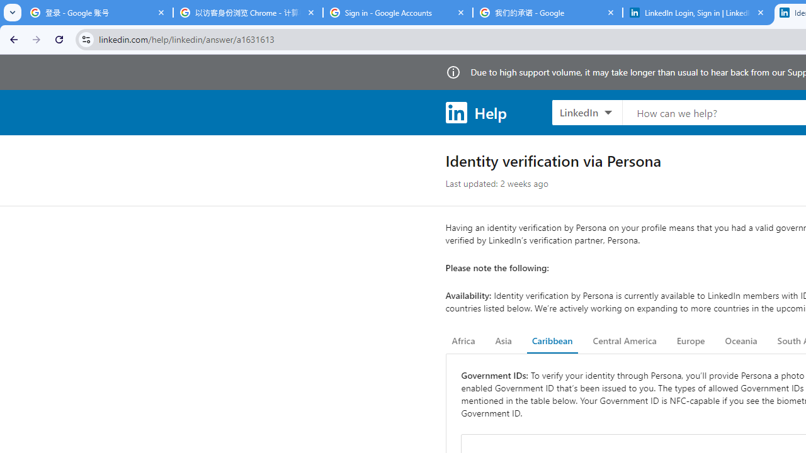 The height and width of the screenshot is (453, 806). What do you see at coordinates (397, 13) in the screenshot?
I see `'Sign in - Google Accounts'` at bounding box center [397, 13].